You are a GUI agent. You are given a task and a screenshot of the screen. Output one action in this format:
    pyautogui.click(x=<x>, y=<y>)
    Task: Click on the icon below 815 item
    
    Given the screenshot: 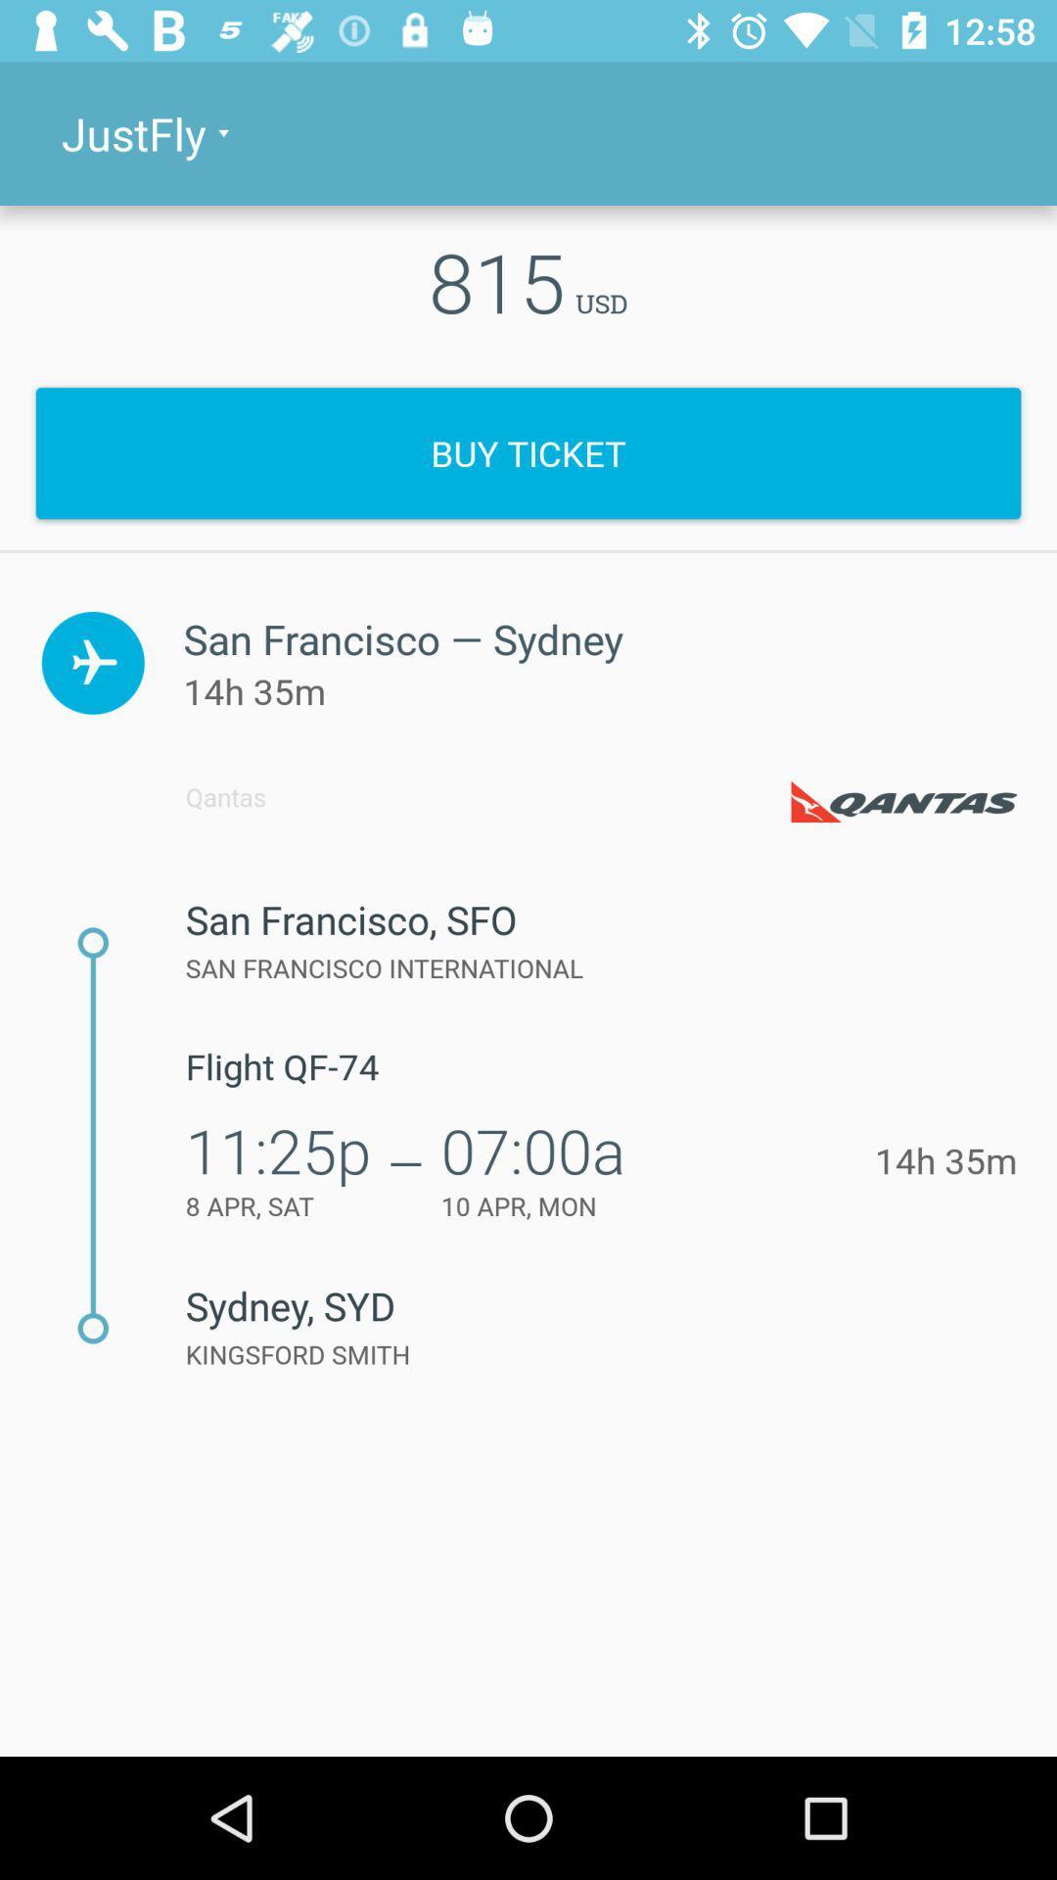 What is the action you would take?
    pyautogui.click(x=528, y=452)
    